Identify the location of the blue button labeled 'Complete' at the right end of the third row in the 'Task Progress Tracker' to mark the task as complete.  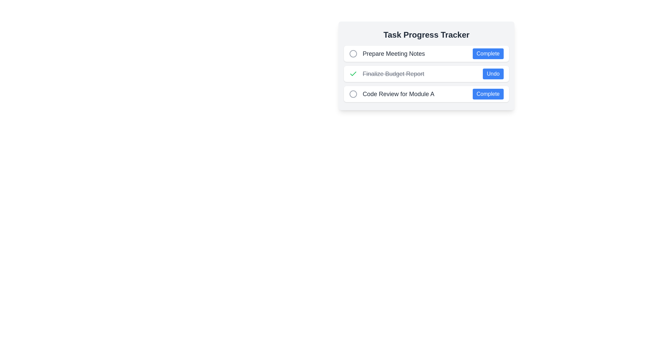
(488, 94).